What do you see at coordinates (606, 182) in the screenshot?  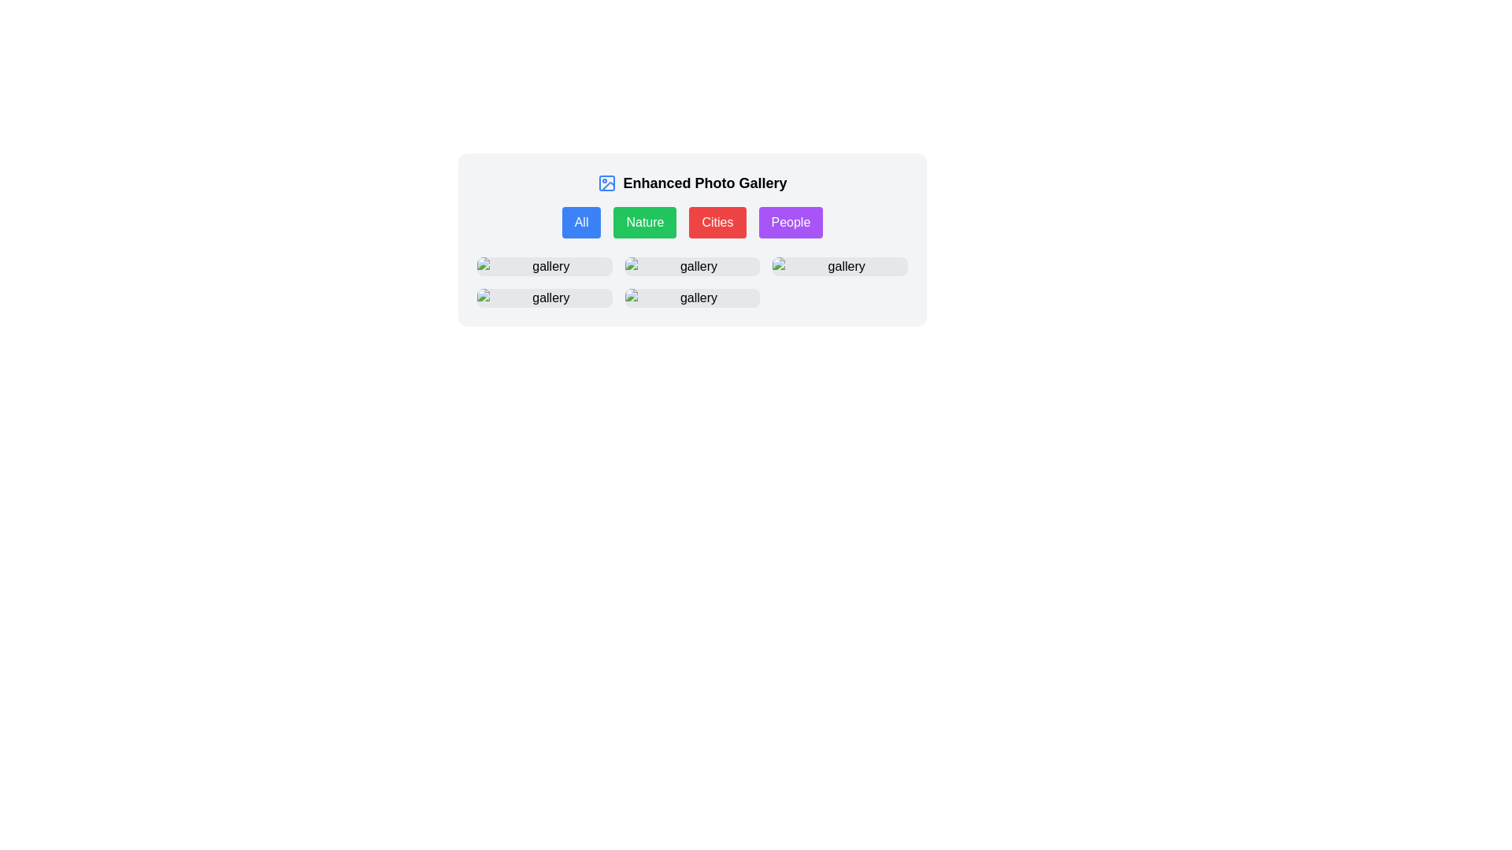 I see `the graphical icon component located in the top-left section of the toolbar, associated with the header text 'Enhanced Photo Gallery'` at bounding box center [606, 182].